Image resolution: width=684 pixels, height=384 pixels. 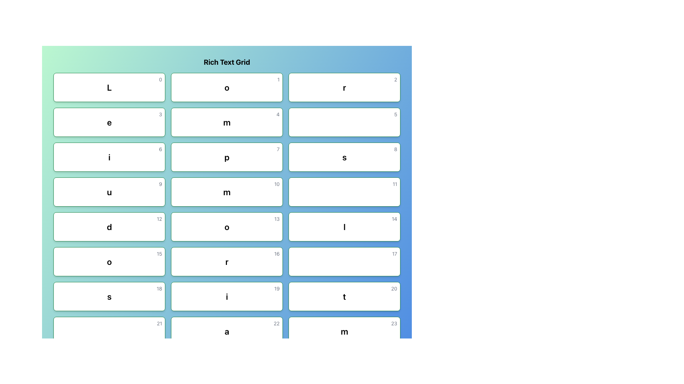 I want to click on the grid cell displaying the number '17' located in the sixth row and third column of the grid, so click(x=344, y=262).